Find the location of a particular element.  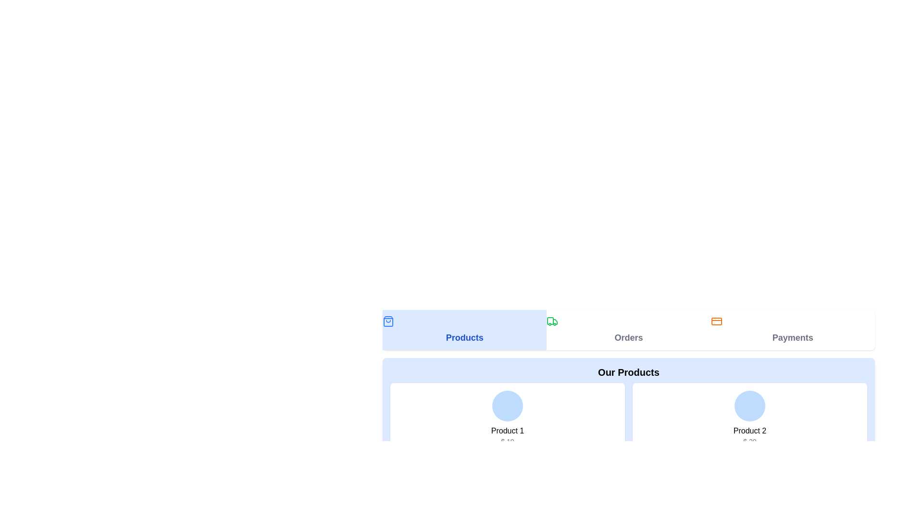

the decorative circular area with a light blue background, which is positioned at the top center of a white card, above 'Product 2' and '$20' is located at coordinates (749, 406).